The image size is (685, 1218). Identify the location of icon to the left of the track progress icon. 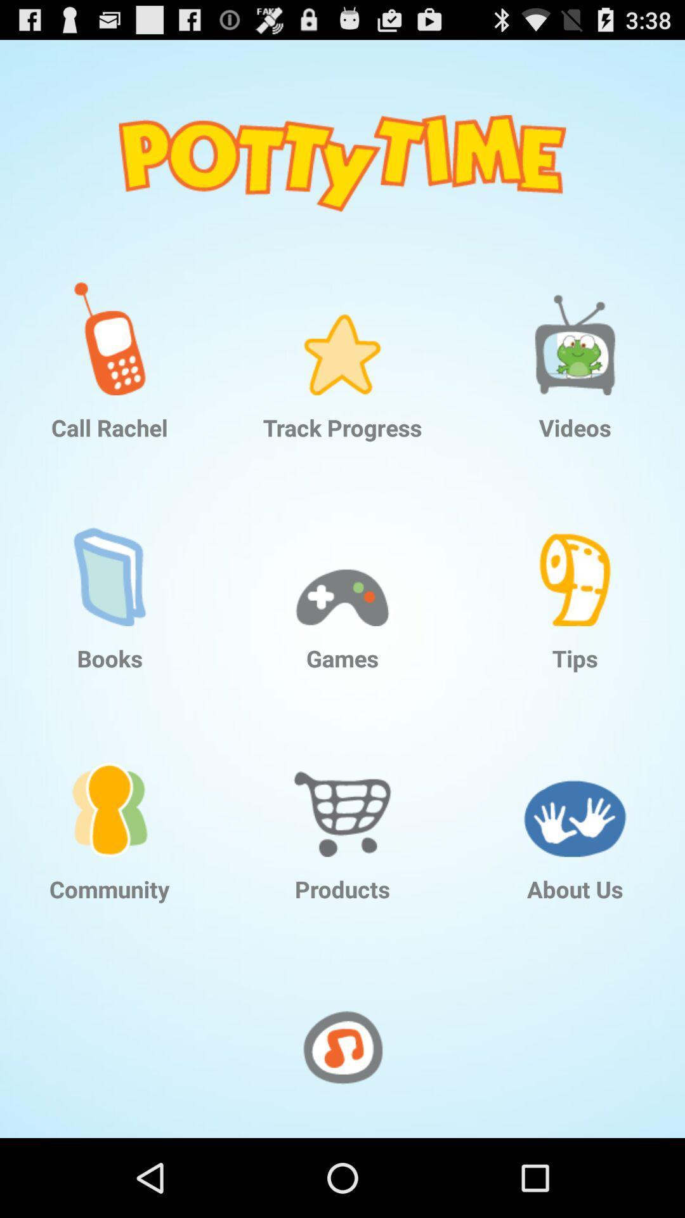
(109, 329).